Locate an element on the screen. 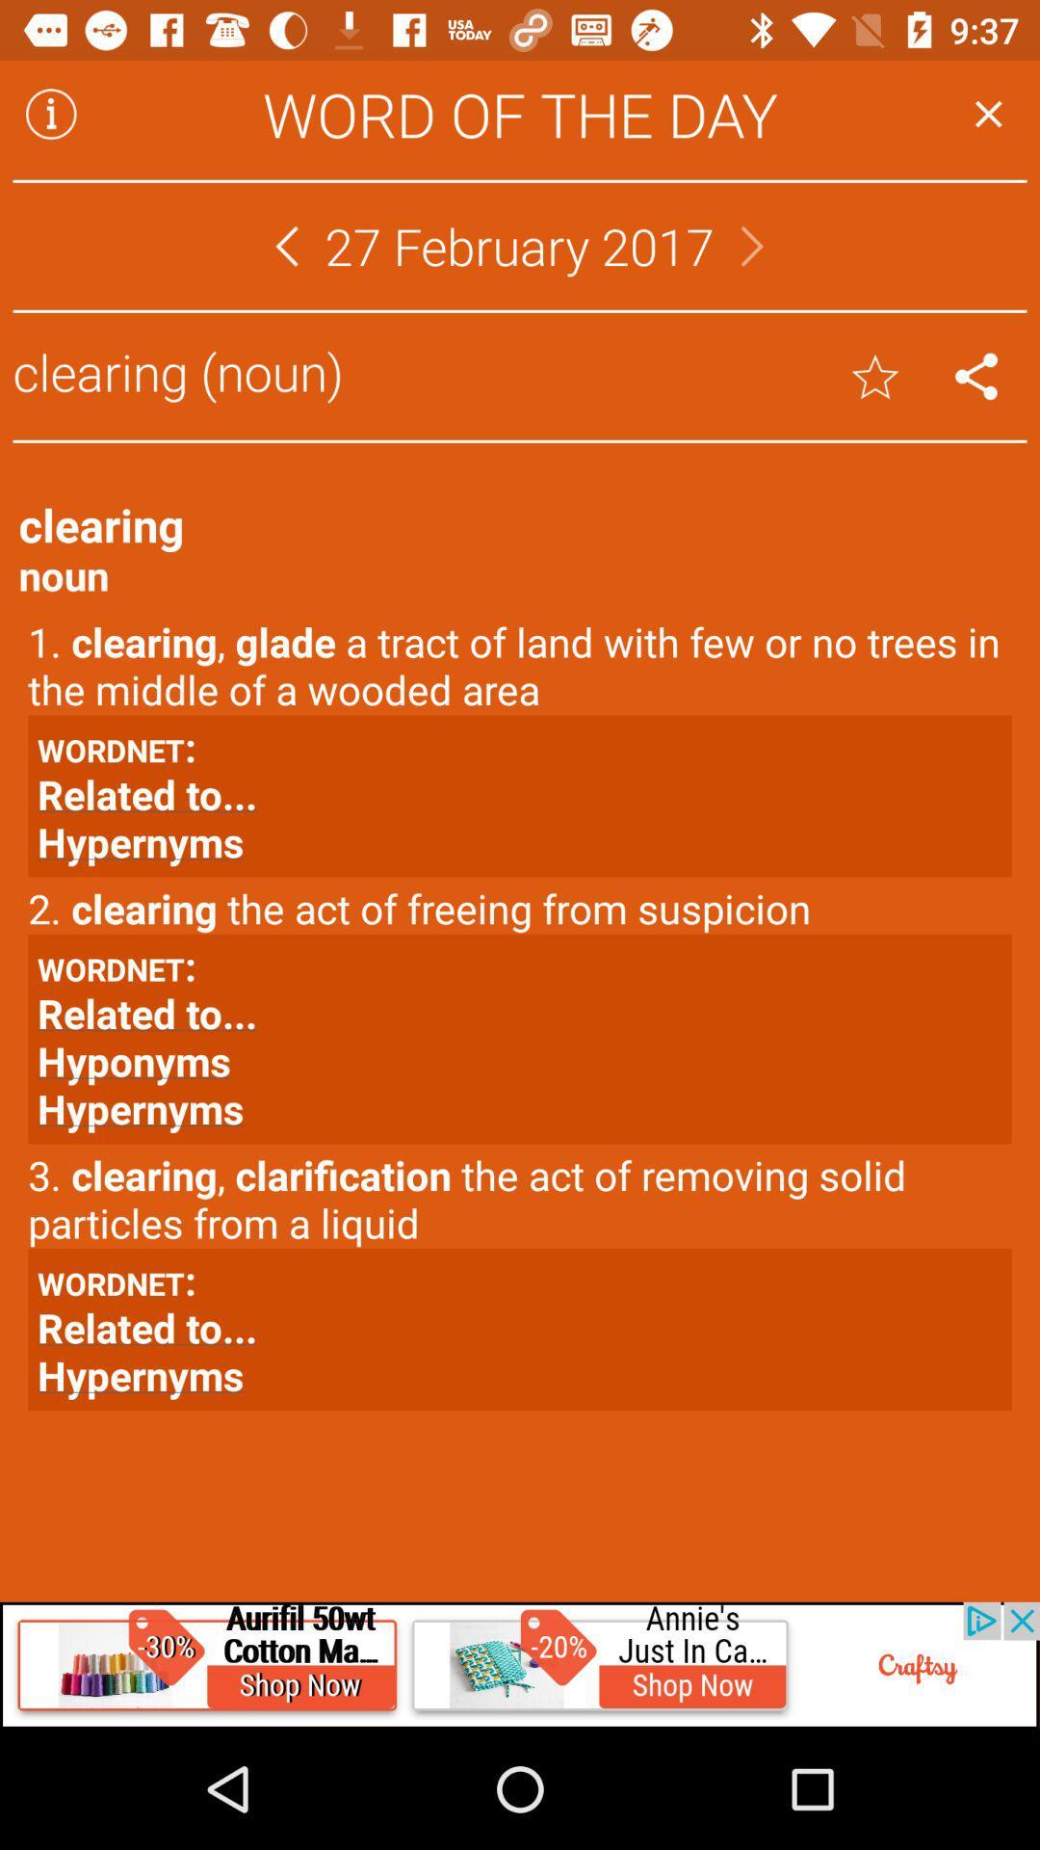 This screenshot has height=1850, width=1040. network is located at coordinates (976, 376).